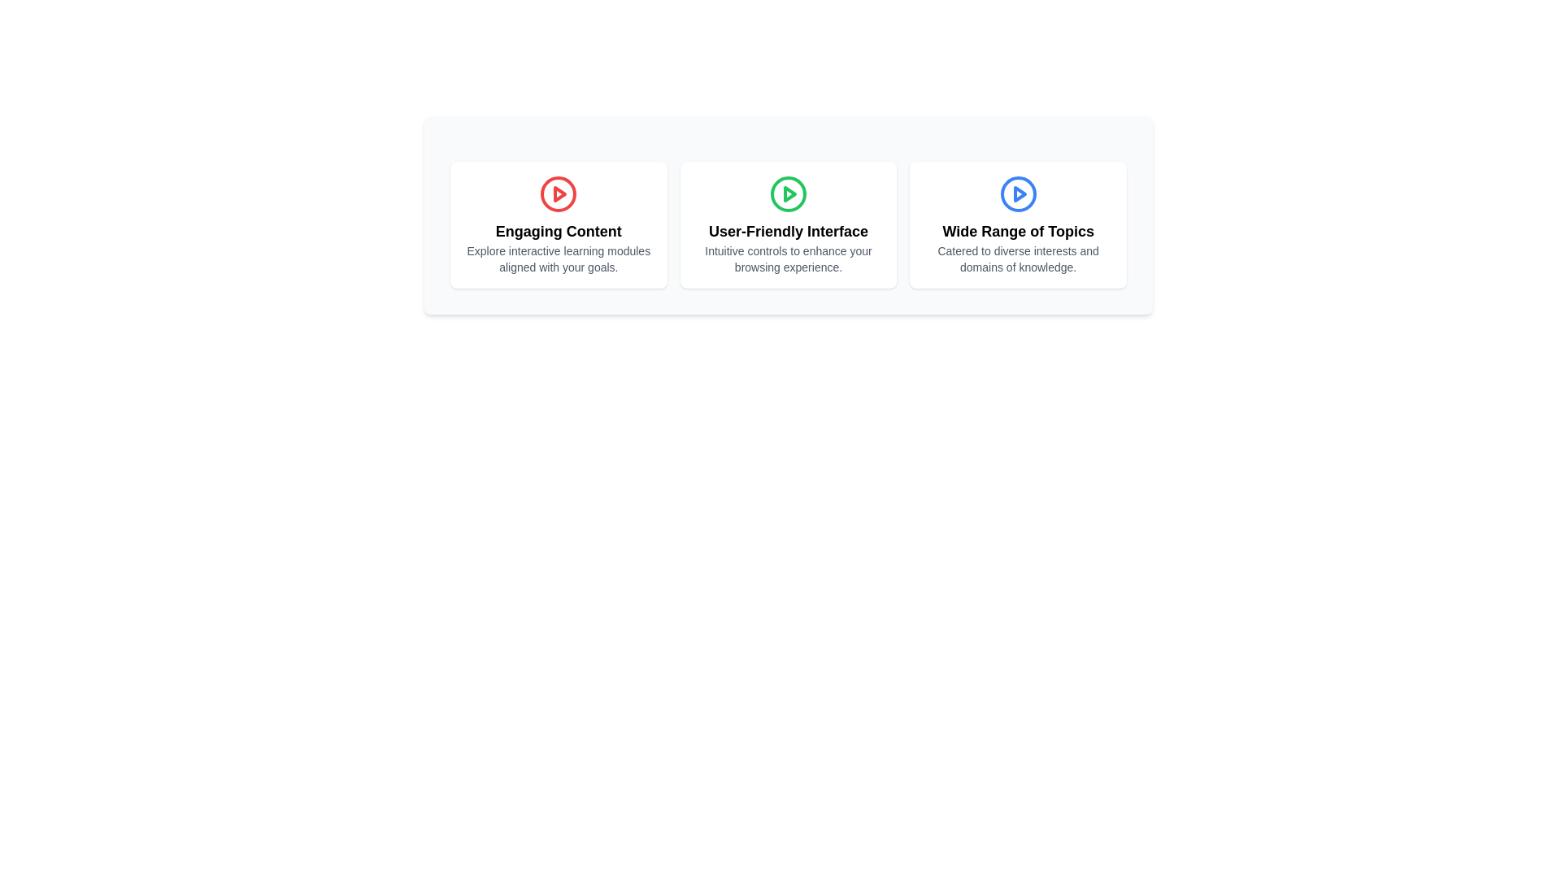 The height and width of the screenshot is (878, 1561). What do you see at coordinates (1017, 193) in the screenshot?
I see `the Icon button located at the top-center of the 'Wide Range of Topics' content card to initiate playback` at bounding box center [1017, 193].